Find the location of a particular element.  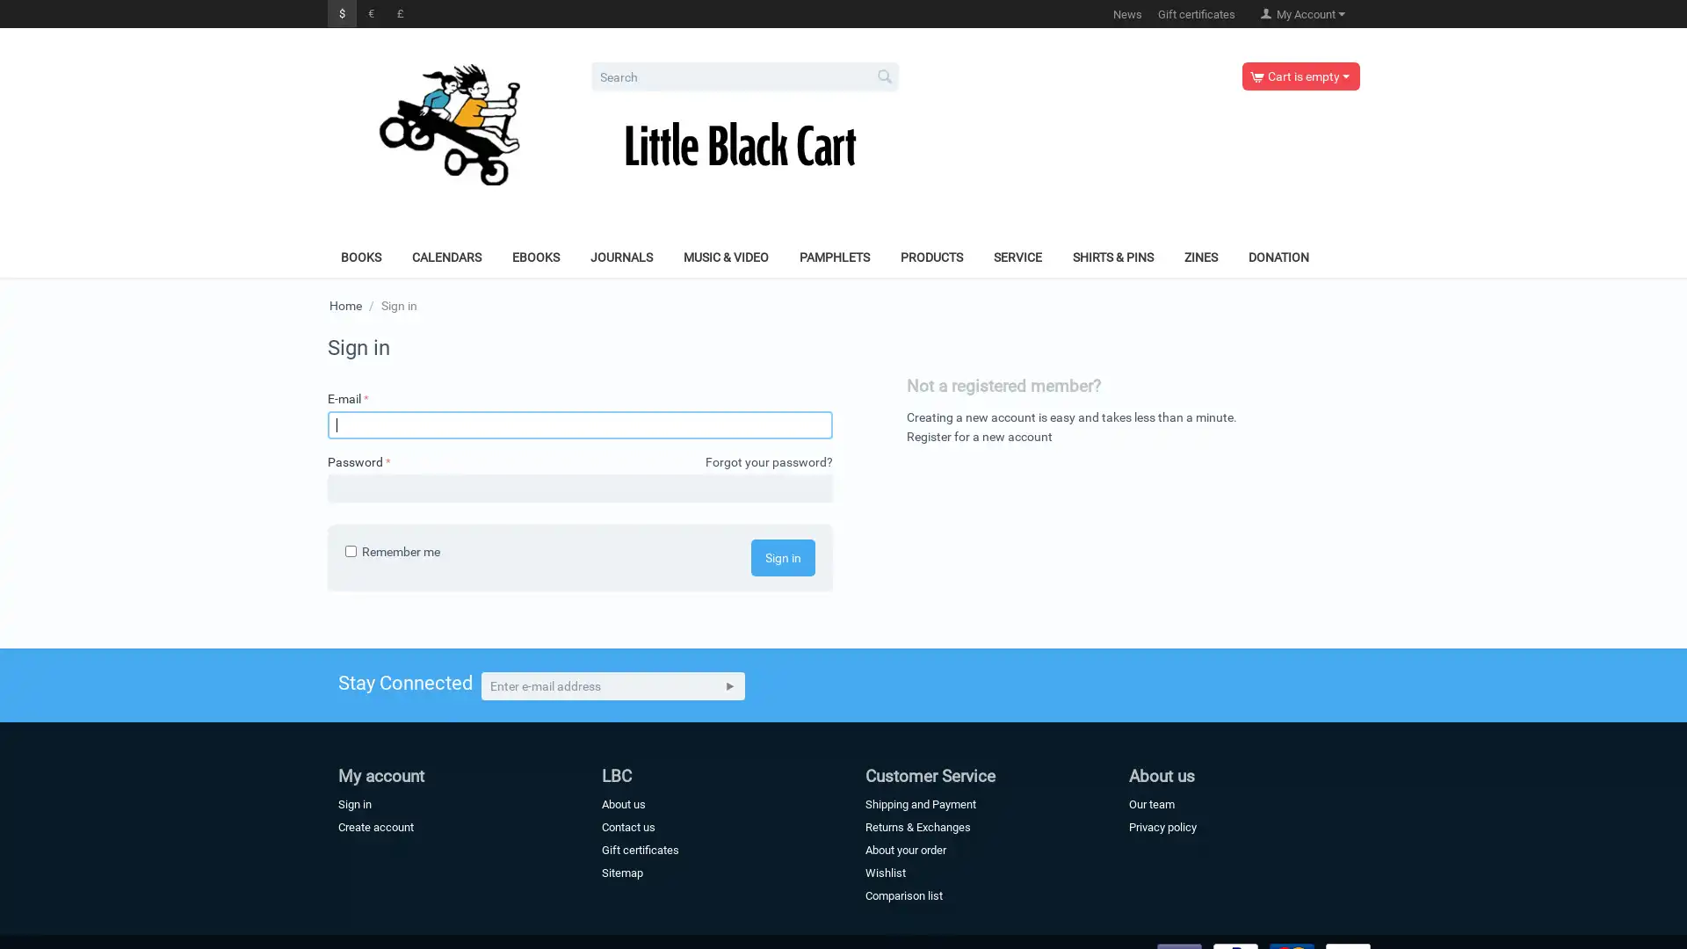

Sign in is located at coordinates (781, 558).